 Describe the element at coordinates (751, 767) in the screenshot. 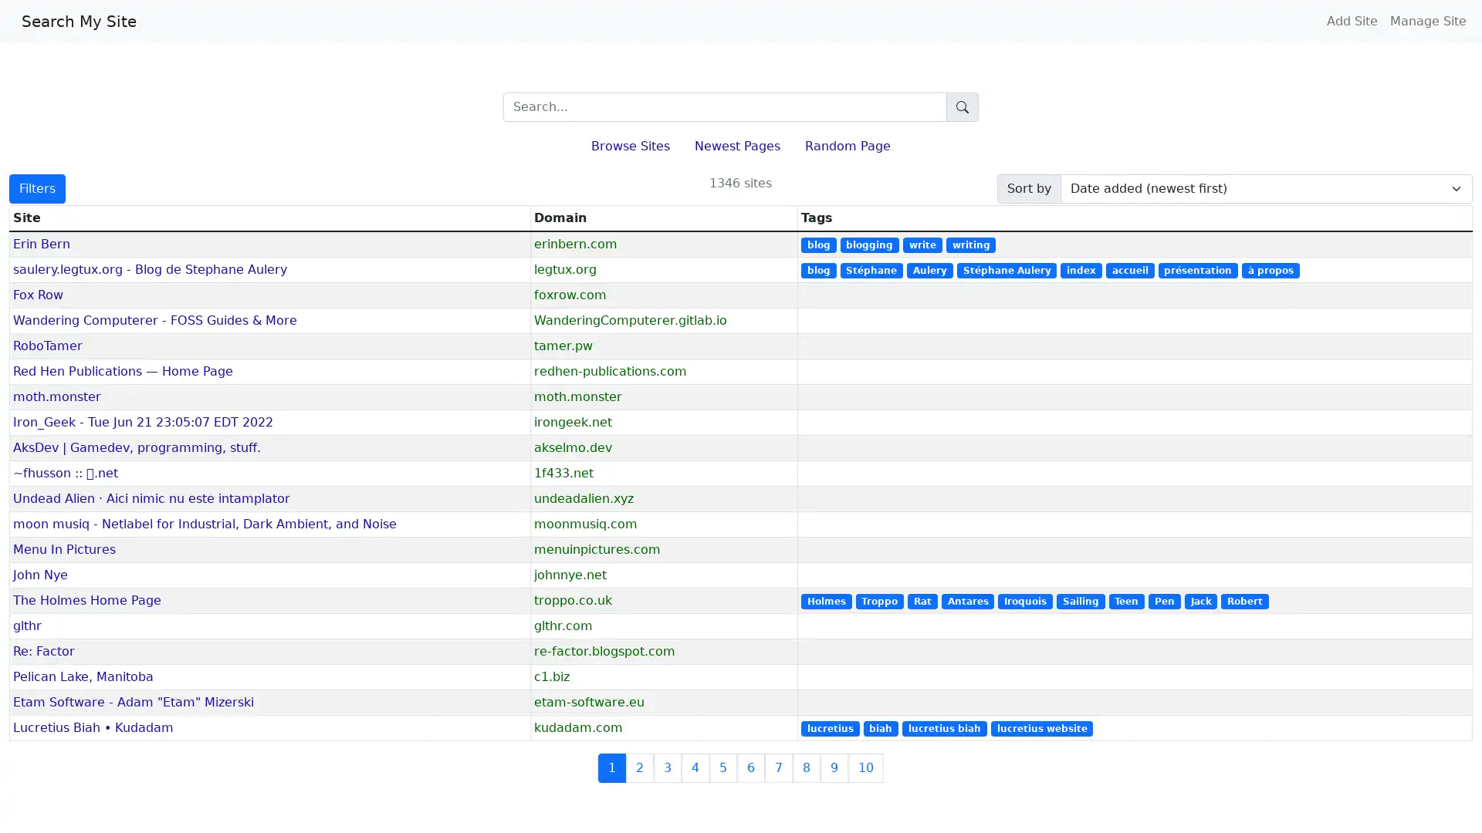

I see `6` at that location.